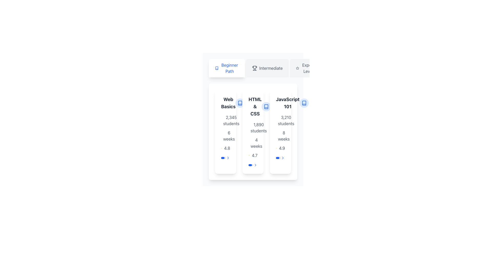  I want to click on the text content indicating the duration of the course, which is the second text element in a vertical sequence within the first course card, so click(225, 135).